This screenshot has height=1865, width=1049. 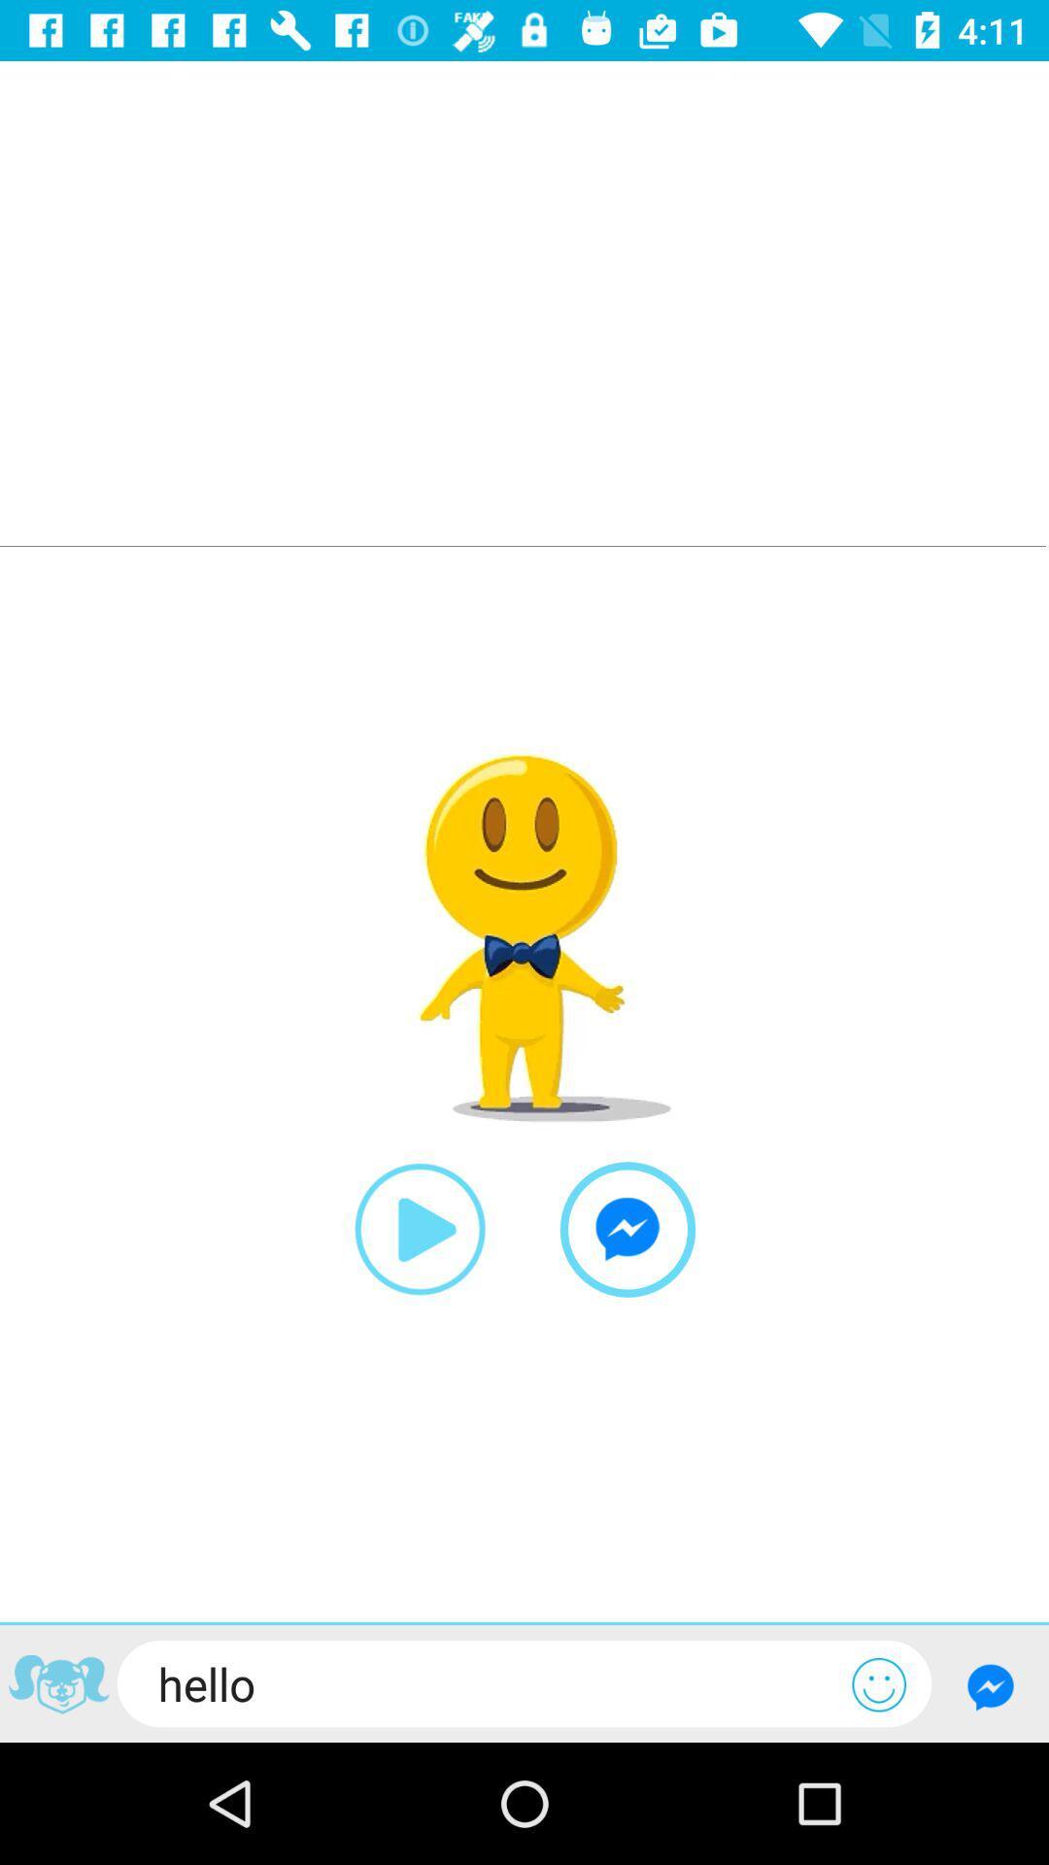 I want to click on messenger chat, so click(x=990, y=1685).